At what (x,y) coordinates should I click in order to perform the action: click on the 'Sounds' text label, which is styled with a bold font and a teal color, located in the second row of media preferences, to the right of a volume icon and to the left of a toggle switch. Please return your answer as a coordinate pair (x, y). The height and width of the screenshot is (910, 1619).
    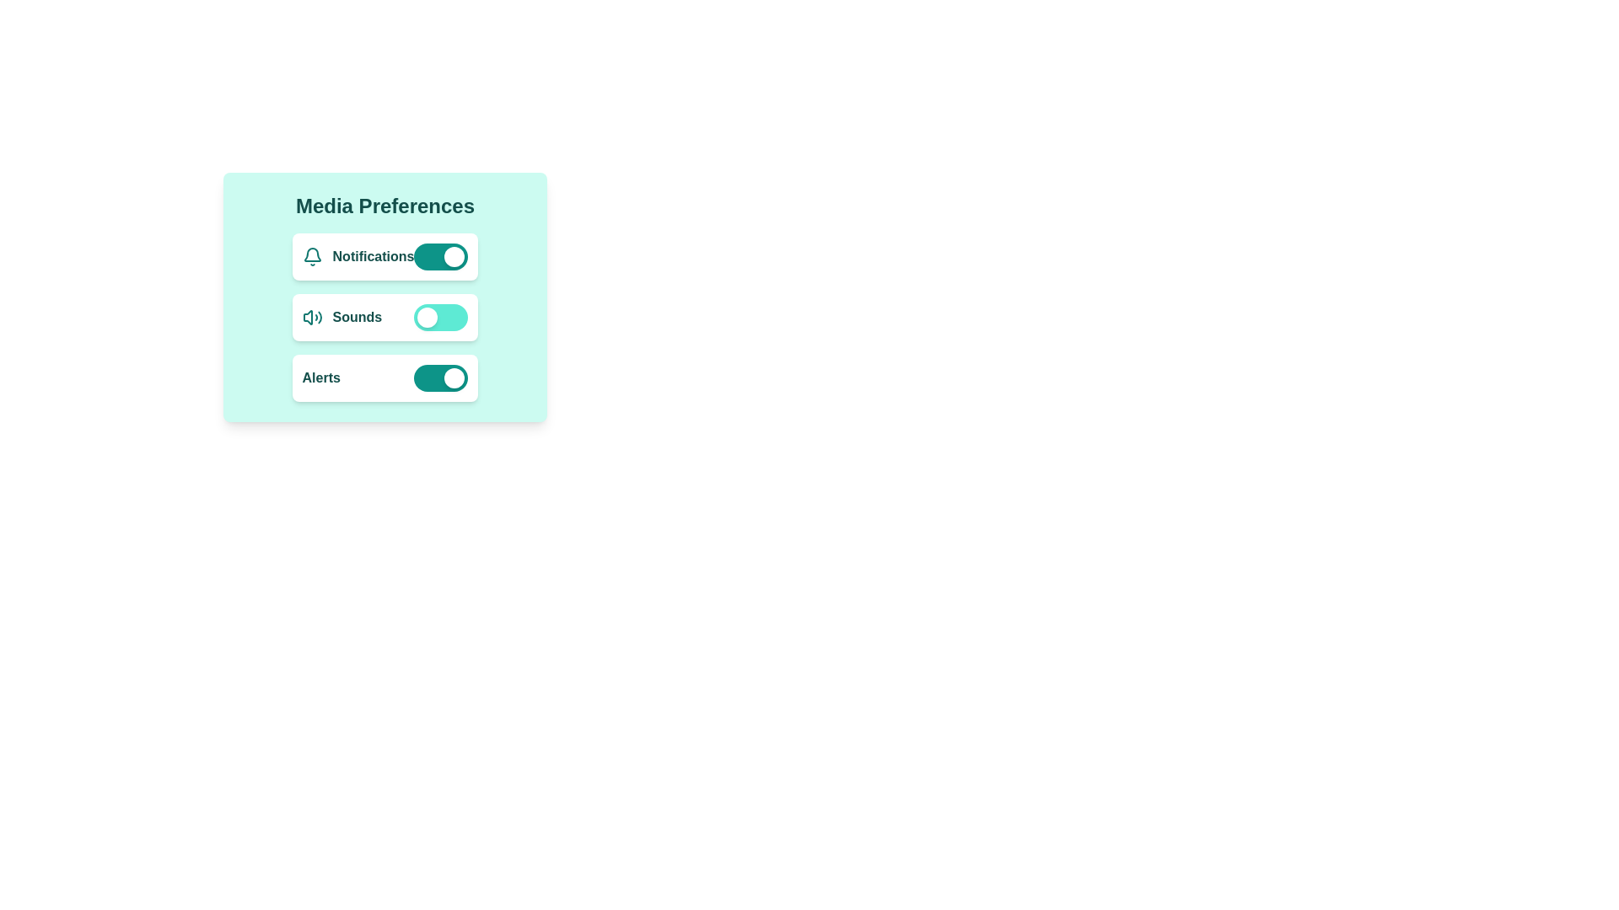
    Looking at the image, I should click on (356, 318).